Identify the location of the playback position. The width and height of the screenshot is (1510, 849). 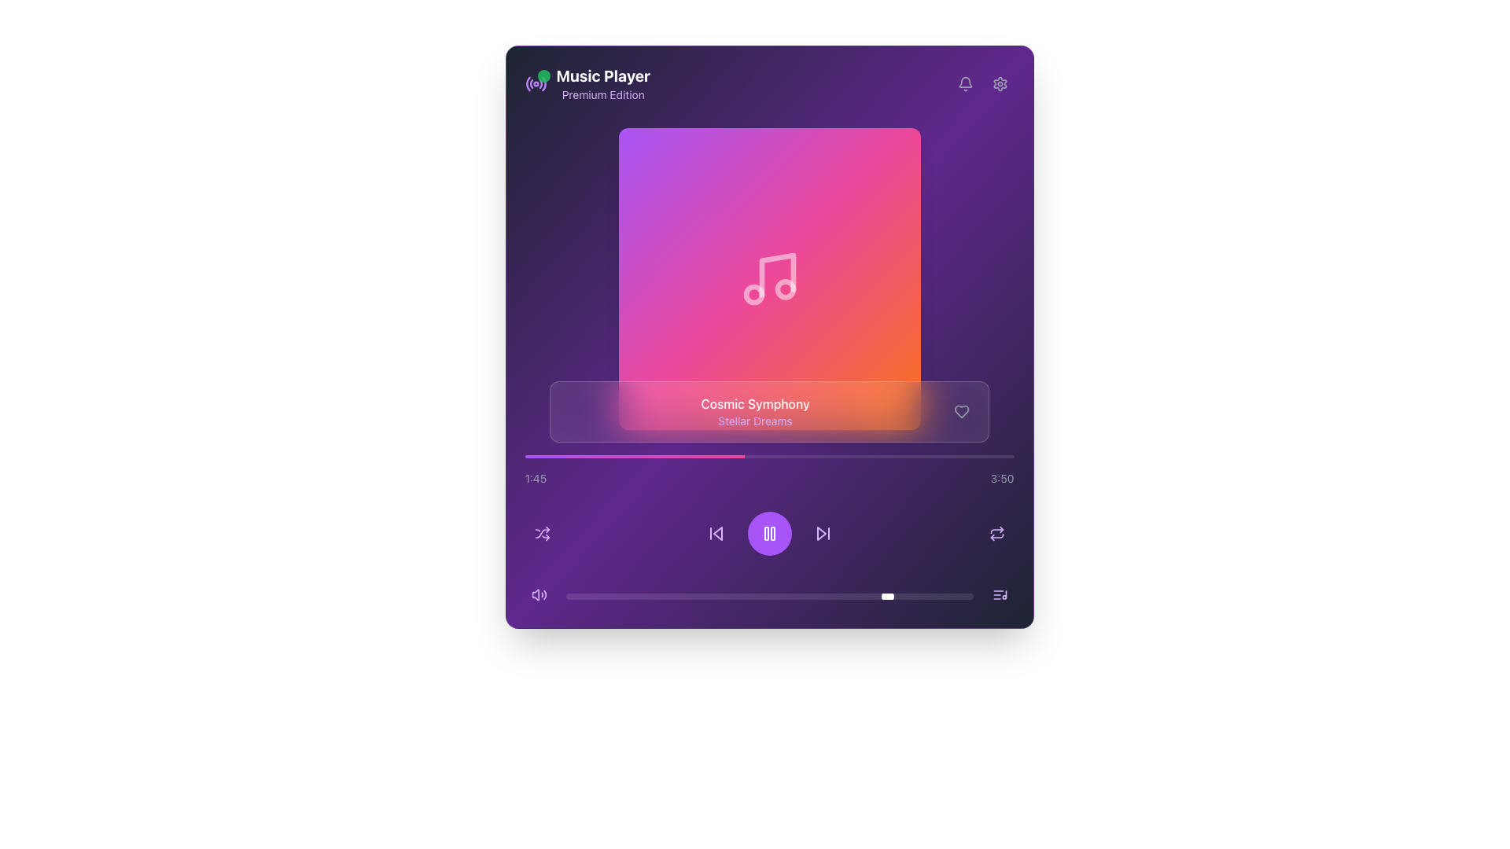
(744, 457).